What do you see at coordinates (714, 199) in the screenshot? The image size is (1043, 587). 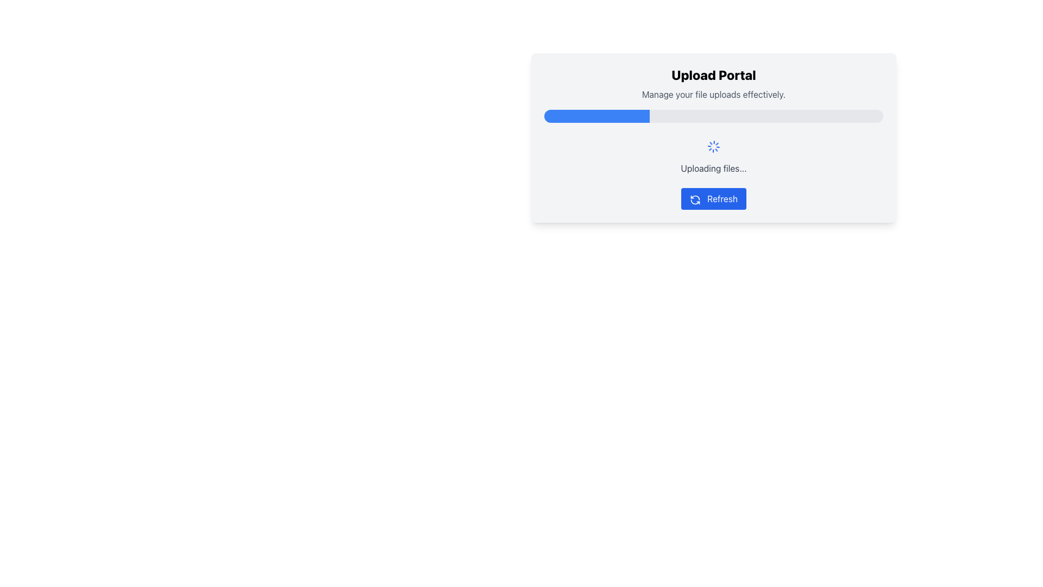 I see `the rectangular blue 'Refresh' button with rounded corners located at the bottom center of the 'Upload Portal' panel` at bounding box center [714, 199].